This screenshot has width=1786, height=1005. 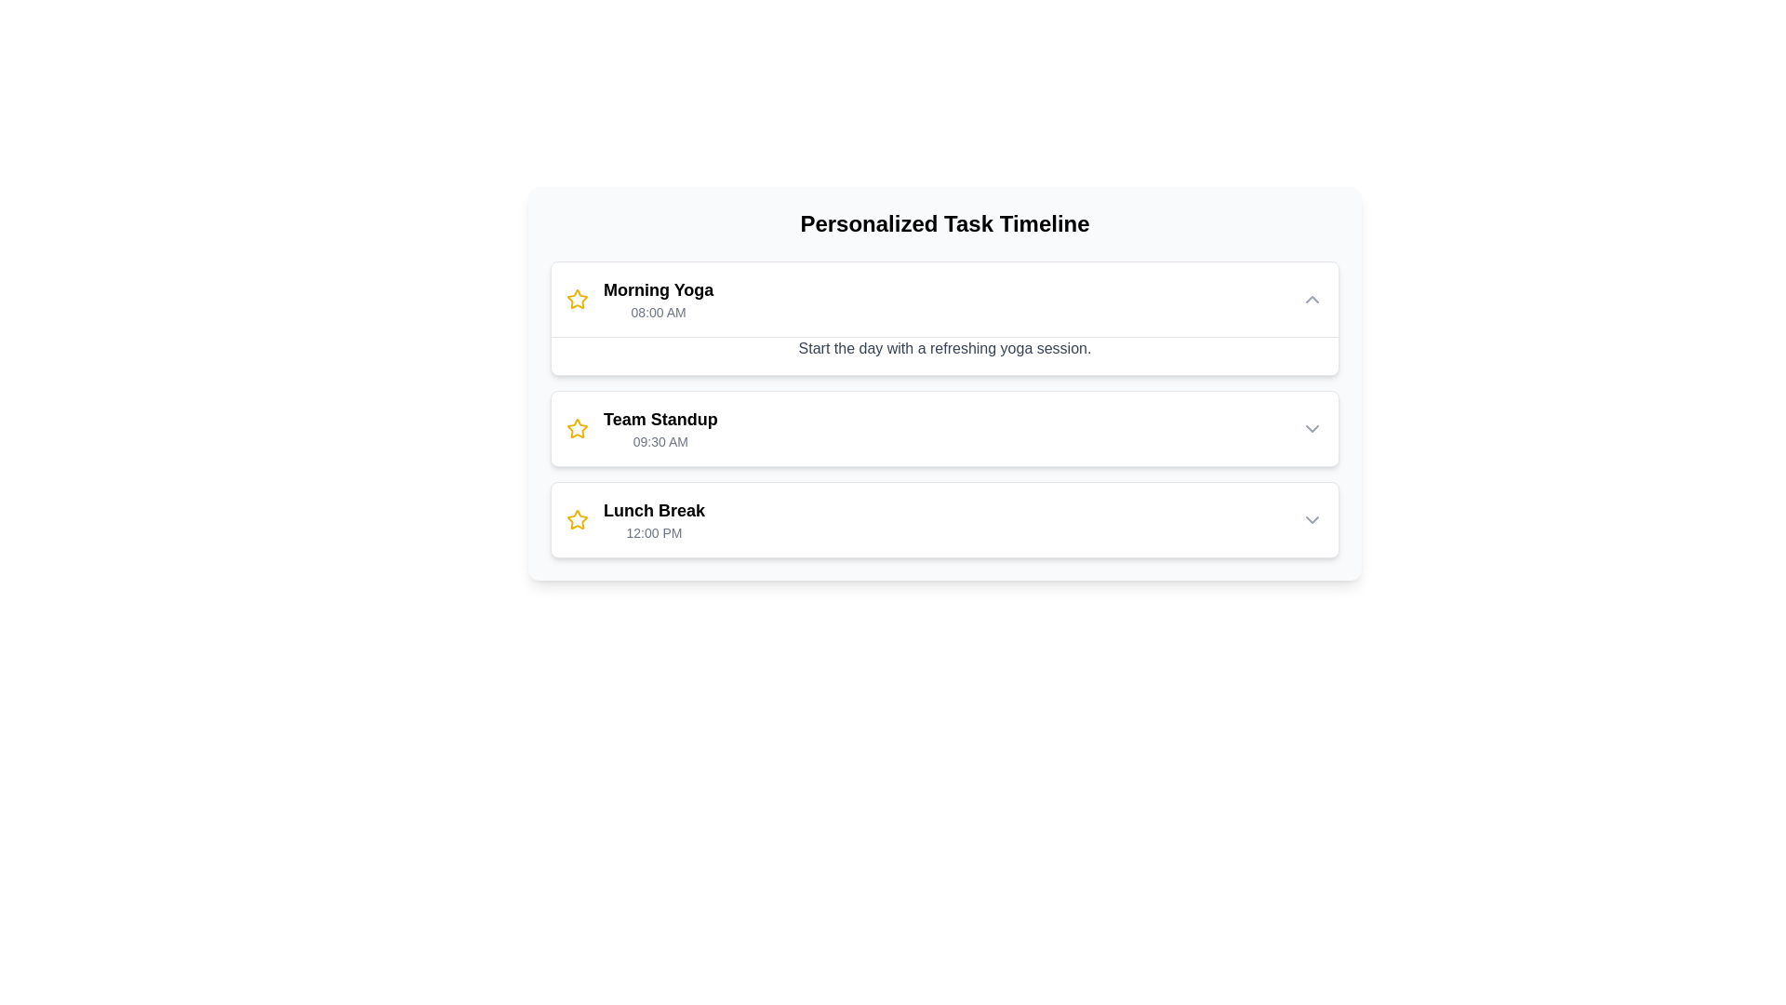 I want to click on the non-interactive text label displaying the time for the 'Team Standup' event, located on the second card in the vertical list of events, so click(x=660, y=441).